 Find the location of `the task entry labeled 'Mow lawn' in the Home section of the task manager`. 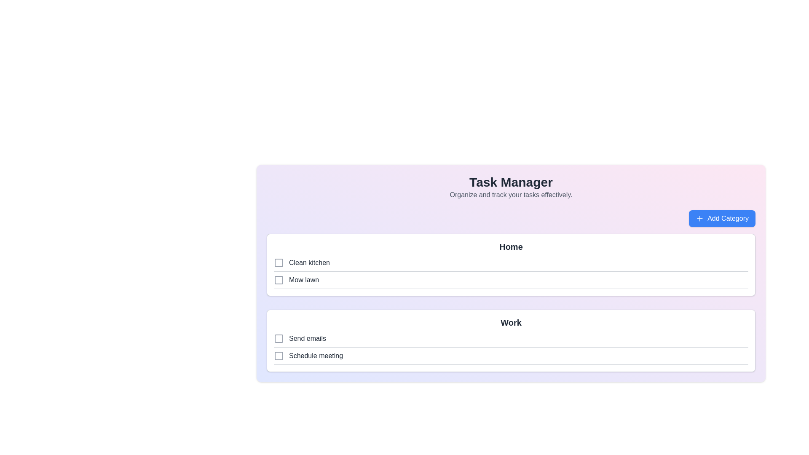

the task entry labeled 'Mow lawn' in the Home section of the task manager is located at coordinates (511, 281).